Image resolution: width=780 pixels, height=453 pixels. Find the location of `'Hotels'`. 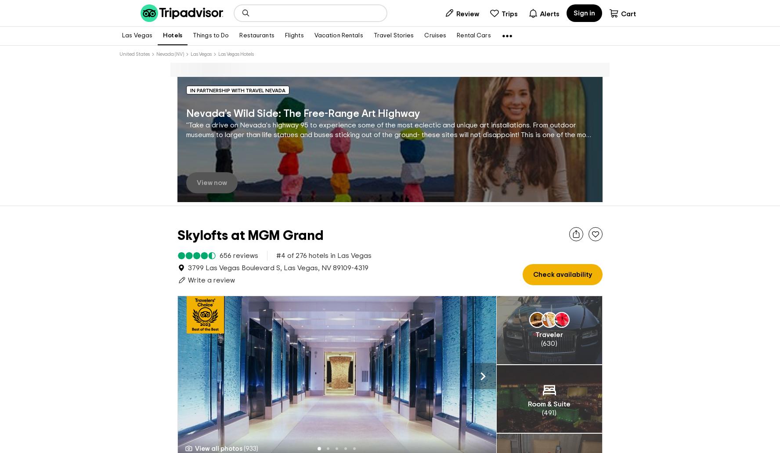

'Hotels' is located at coordinates (172, 36).